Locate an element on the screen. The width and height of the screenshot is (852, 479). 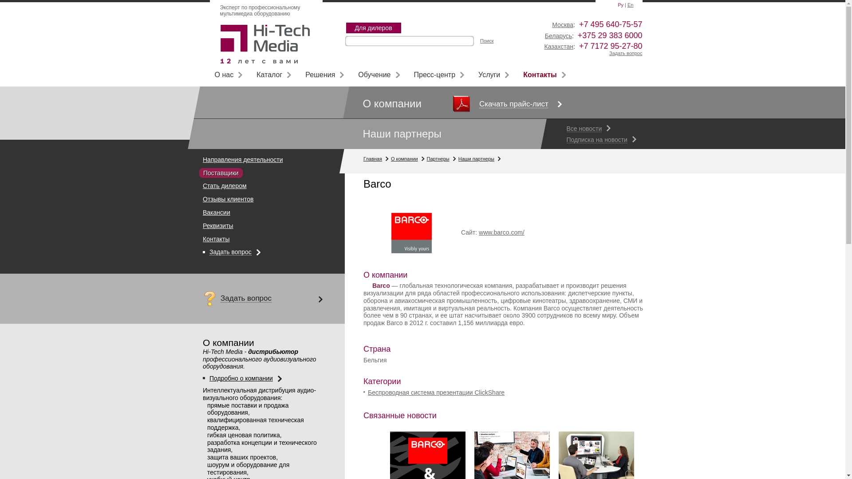
'www.barco.com/' is located at coordinates (501, 232).